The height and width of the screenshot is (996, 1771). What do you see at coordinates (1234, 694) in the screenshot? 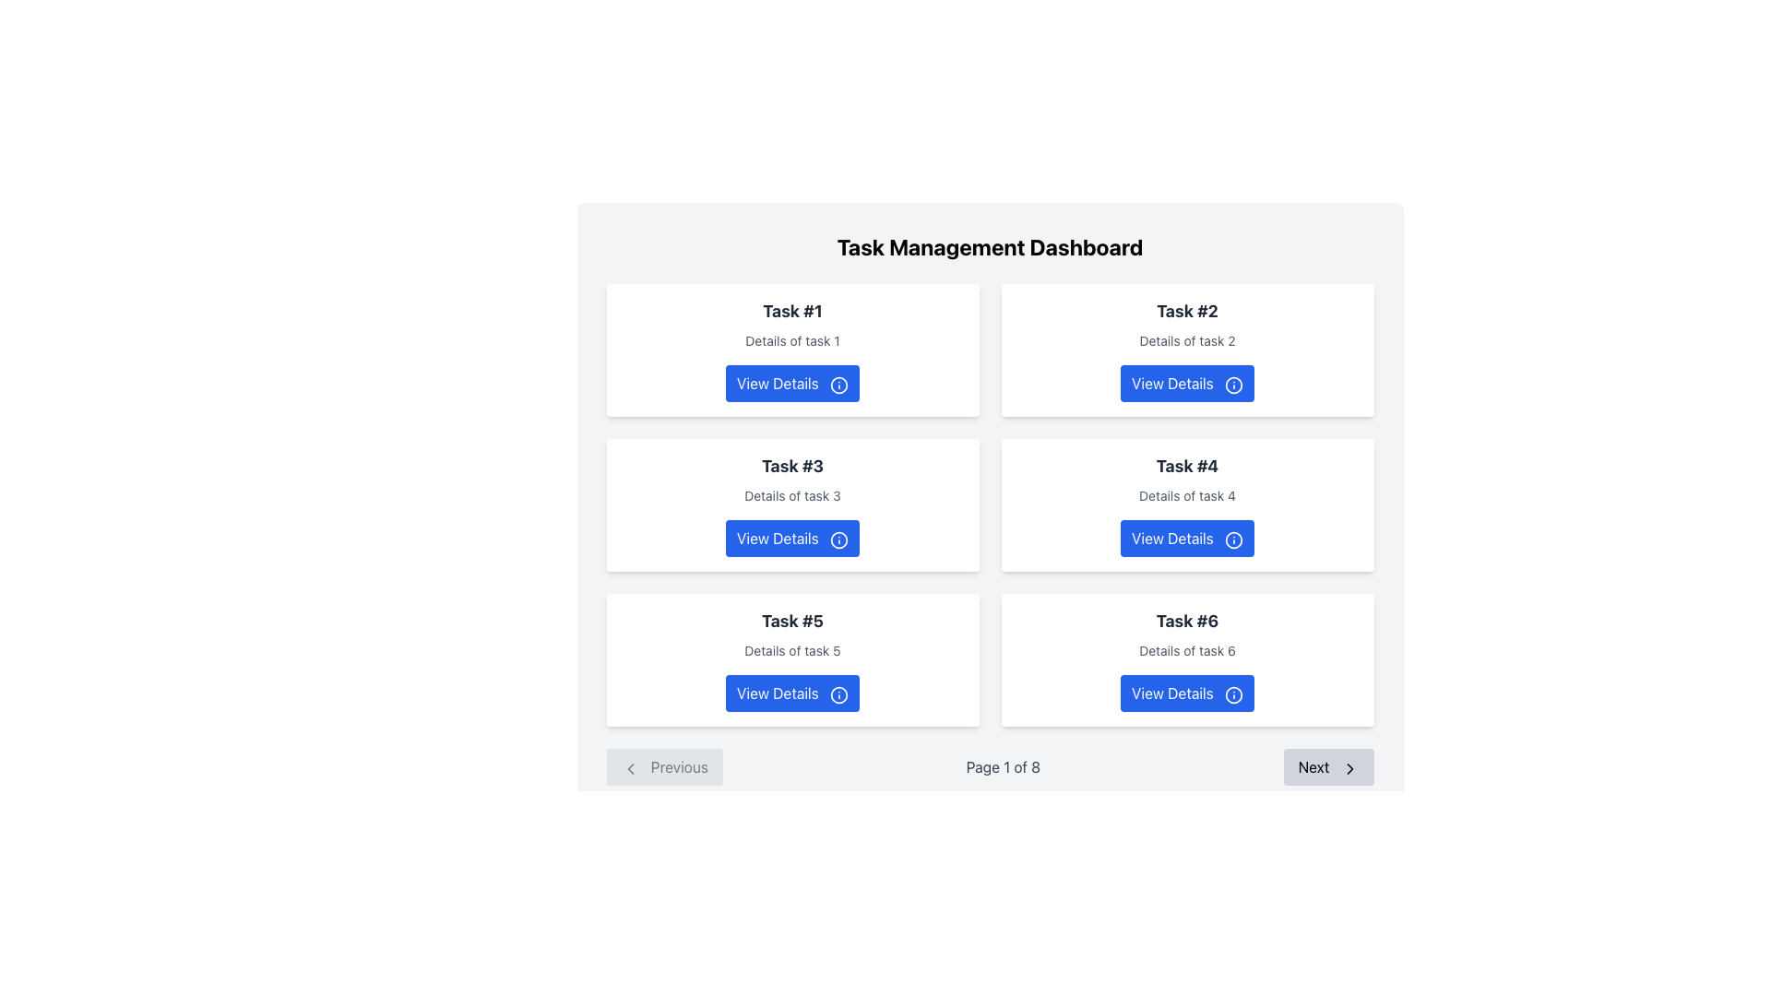
I see `the small circular blue icon located at the bottom-right corner of the 'View Details' button associated with 'Task #6'` at bounding box center [1234, 694].